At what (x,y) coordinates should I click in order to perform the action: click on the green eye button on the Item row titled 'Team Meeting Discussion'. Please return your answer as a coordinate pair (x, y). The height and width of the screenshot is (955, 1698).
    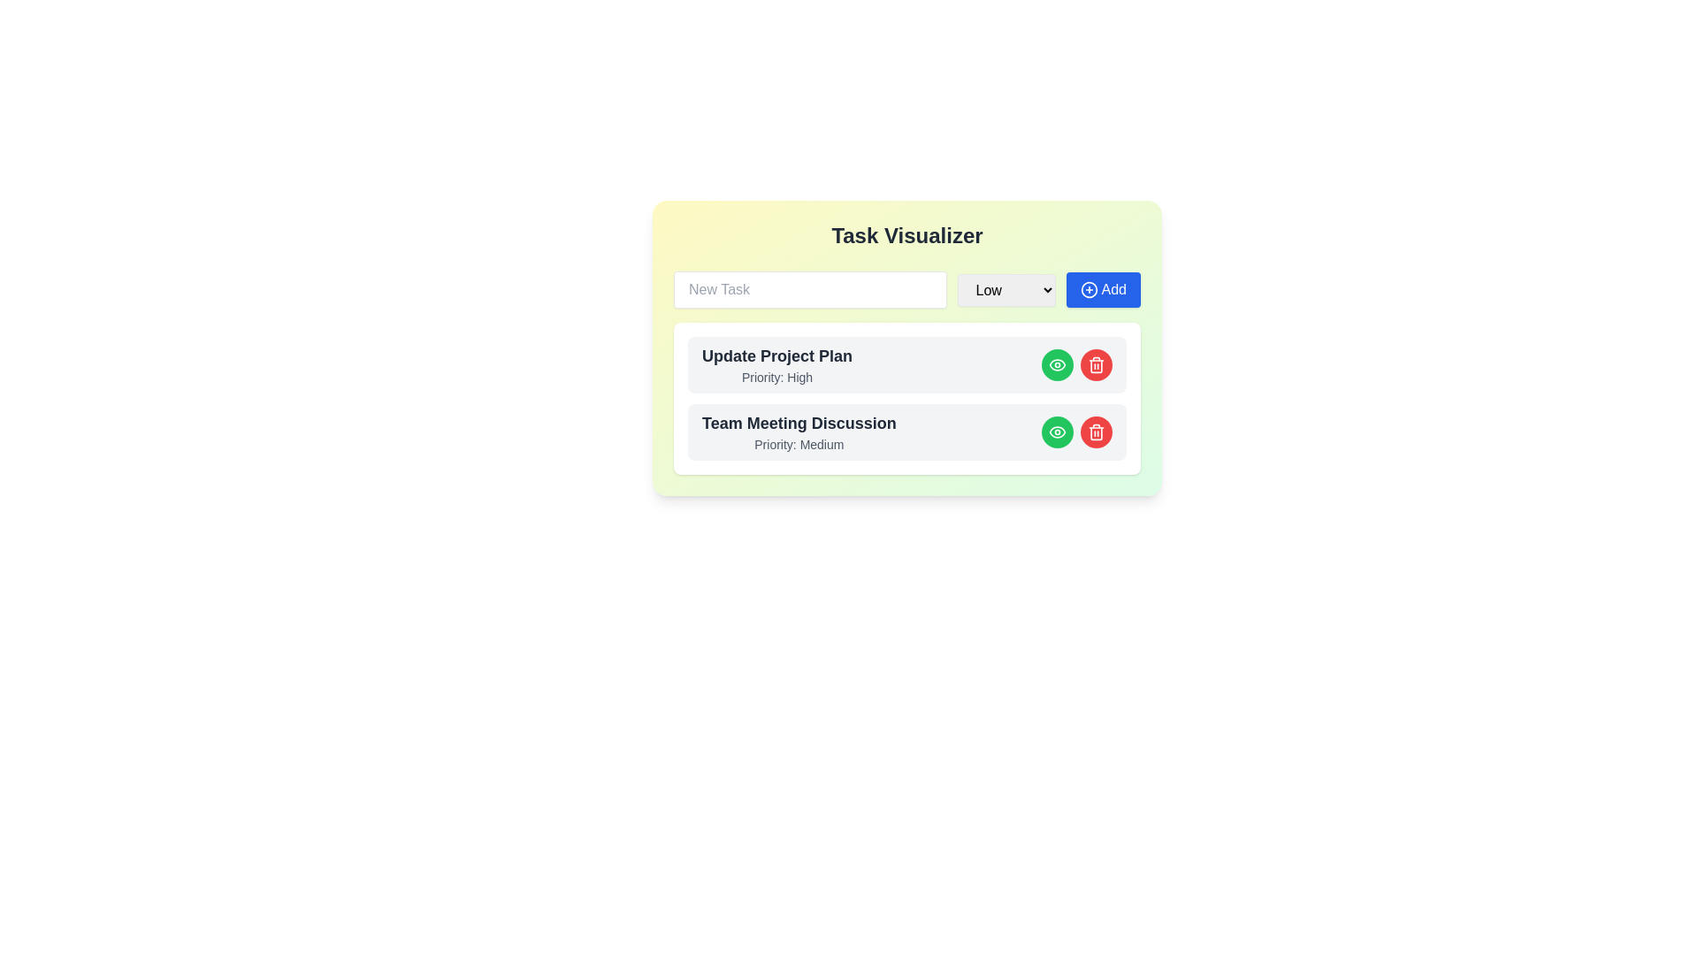
    Looking at the image, I should click on (907, 432).